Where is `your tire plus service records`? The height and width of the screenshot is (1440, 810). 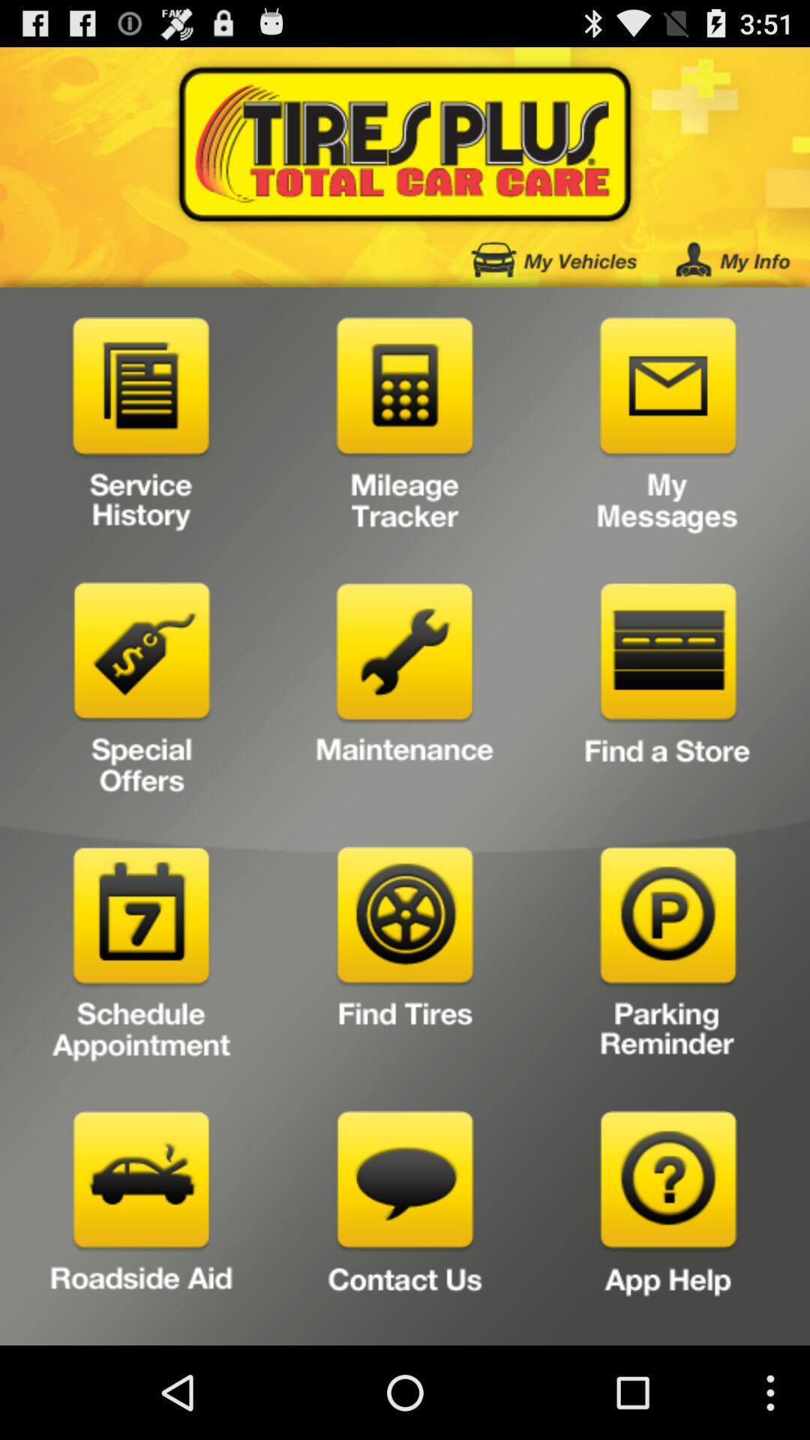
your tire plus service records is located at coordinates (142, 428).